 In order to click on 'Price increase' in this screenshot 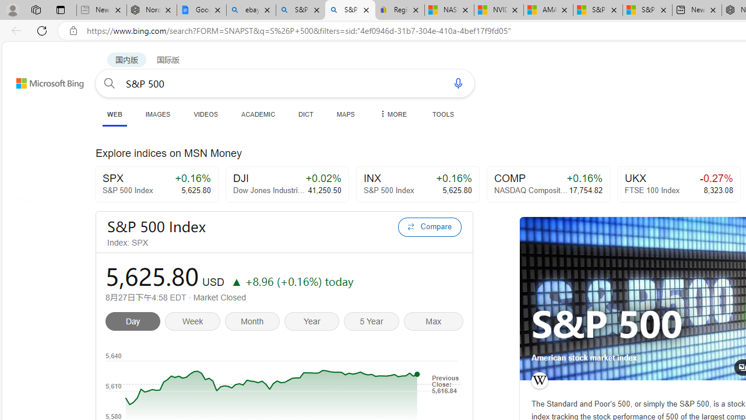, I will do `click(235, 281)`.